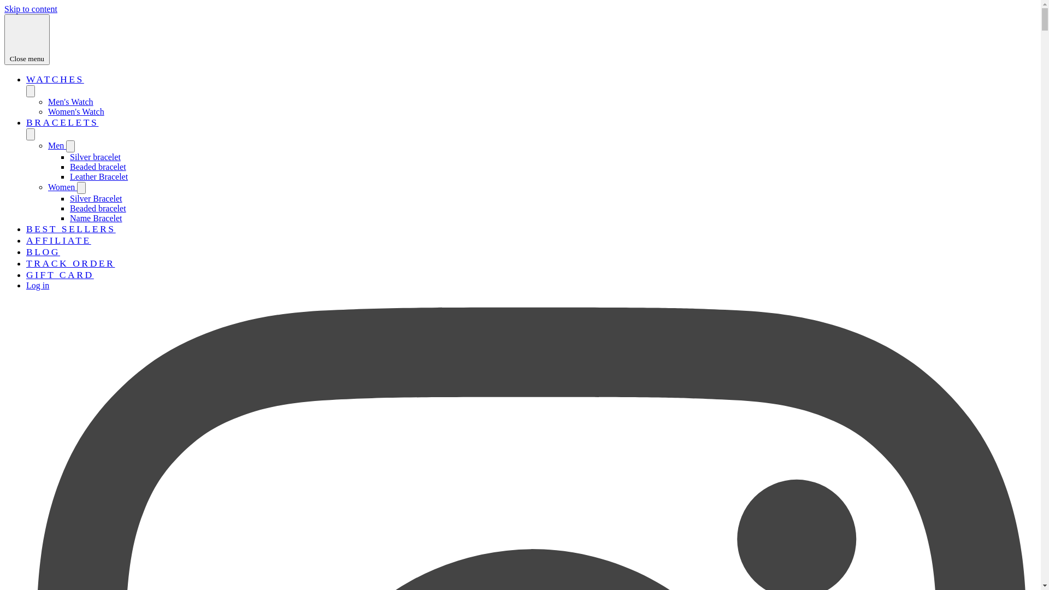 The image size is (1049, 590). I want to click on 'Log in', so click(37, 285).